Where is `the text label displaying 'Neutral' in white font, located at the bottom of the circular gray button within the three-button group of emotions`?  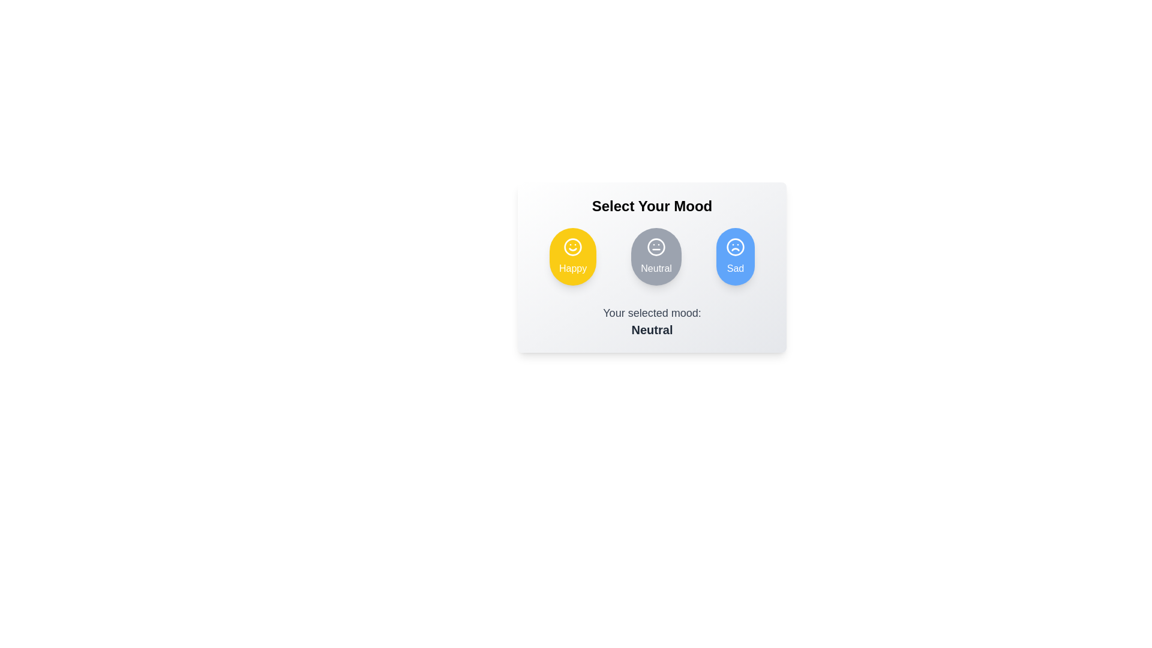
the text label displaying 'Neutral' in white font, located at the bottom of the circular gray button within the three-button group of emotions is located at coordinates (656, 268).